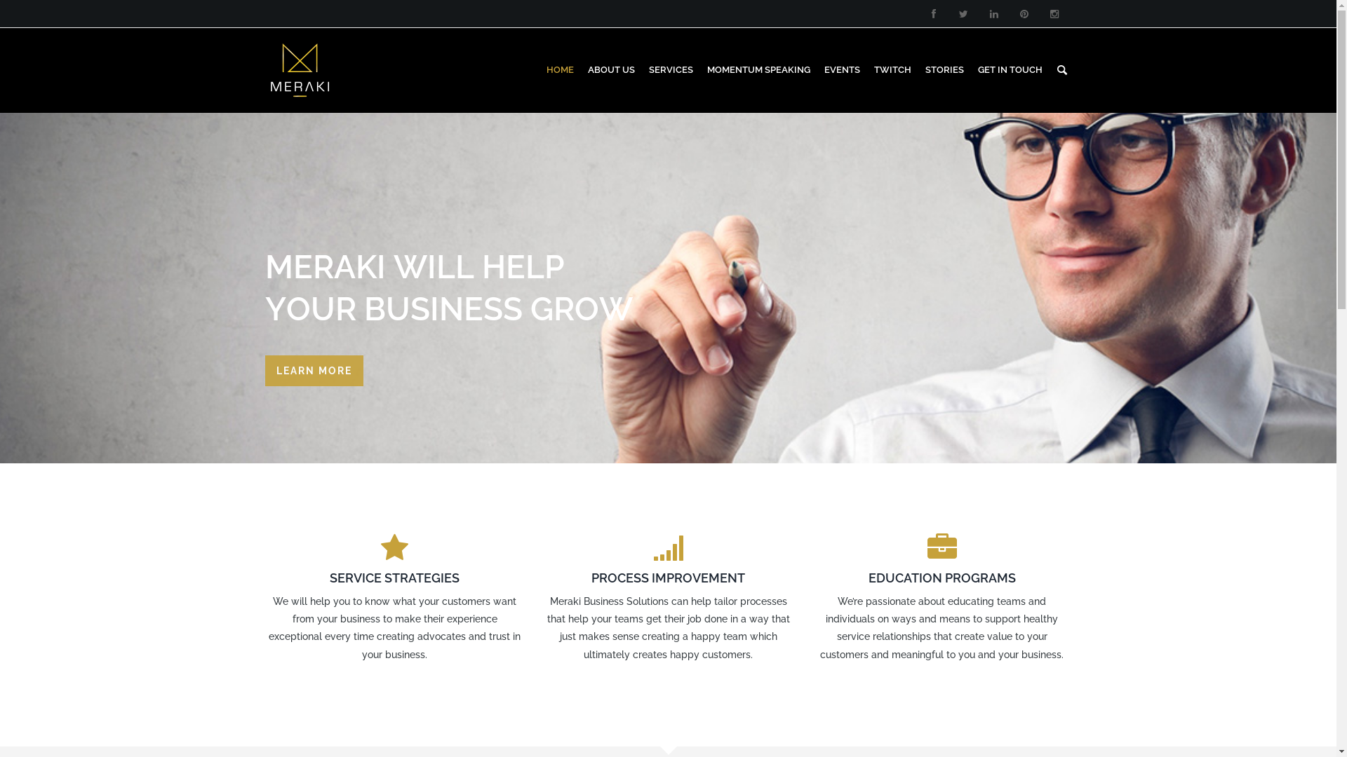  What do you see at coordinates (758, 70) in the screenshot?
I see `'MOMENTUM SPEAKING'` at bounding box center [758, 70].